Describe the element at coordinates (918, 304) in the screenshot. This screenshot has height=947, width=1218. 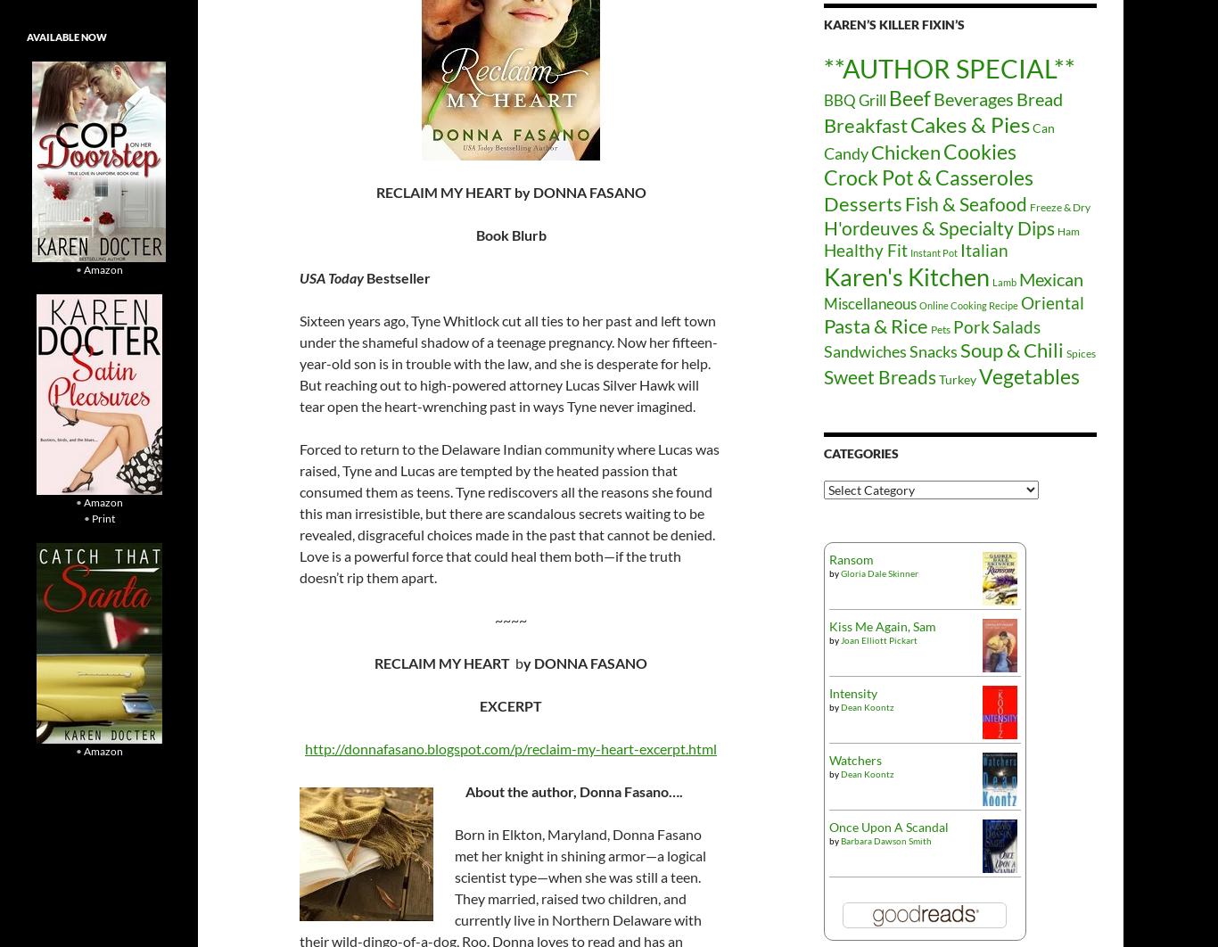
I see `'Online Cooking Recipe'` at that location.